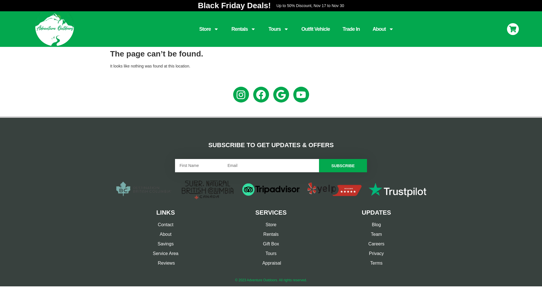 This screenshot has width=542, height=305. What do you see at coordinates (115, 234) in the screenshot?
I see `'About'` at bounding box center [115, 234].